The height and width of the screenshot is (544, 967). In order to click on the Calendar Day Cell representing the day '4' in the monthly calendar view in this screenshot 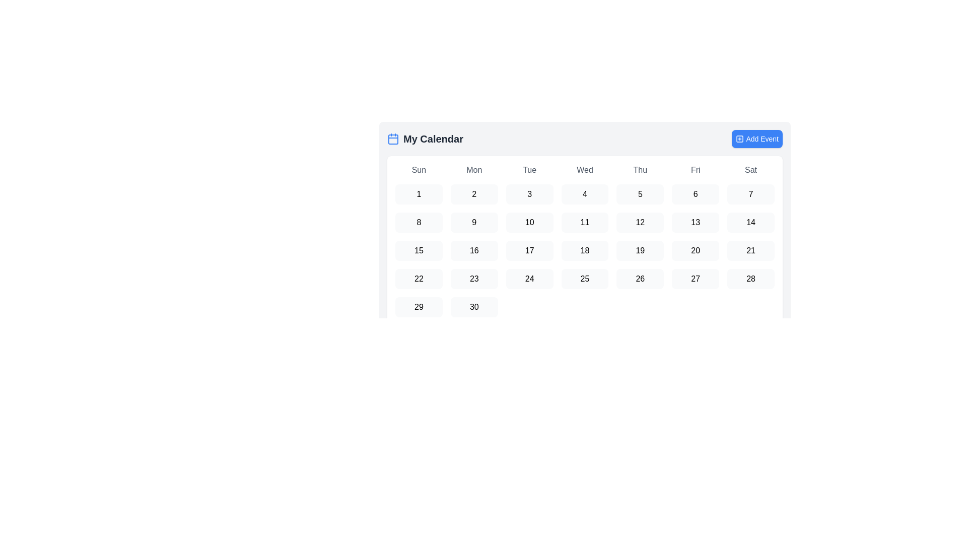, I will do `click(585, 194)`.